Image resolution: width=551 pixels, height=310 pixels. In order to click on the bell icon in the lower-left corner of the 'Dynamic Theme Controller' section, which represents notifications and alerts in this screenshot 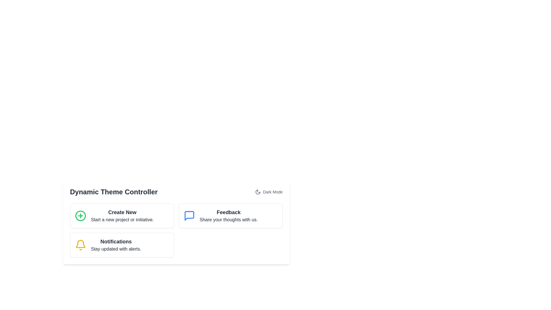, I will do `click(80, 245)`.